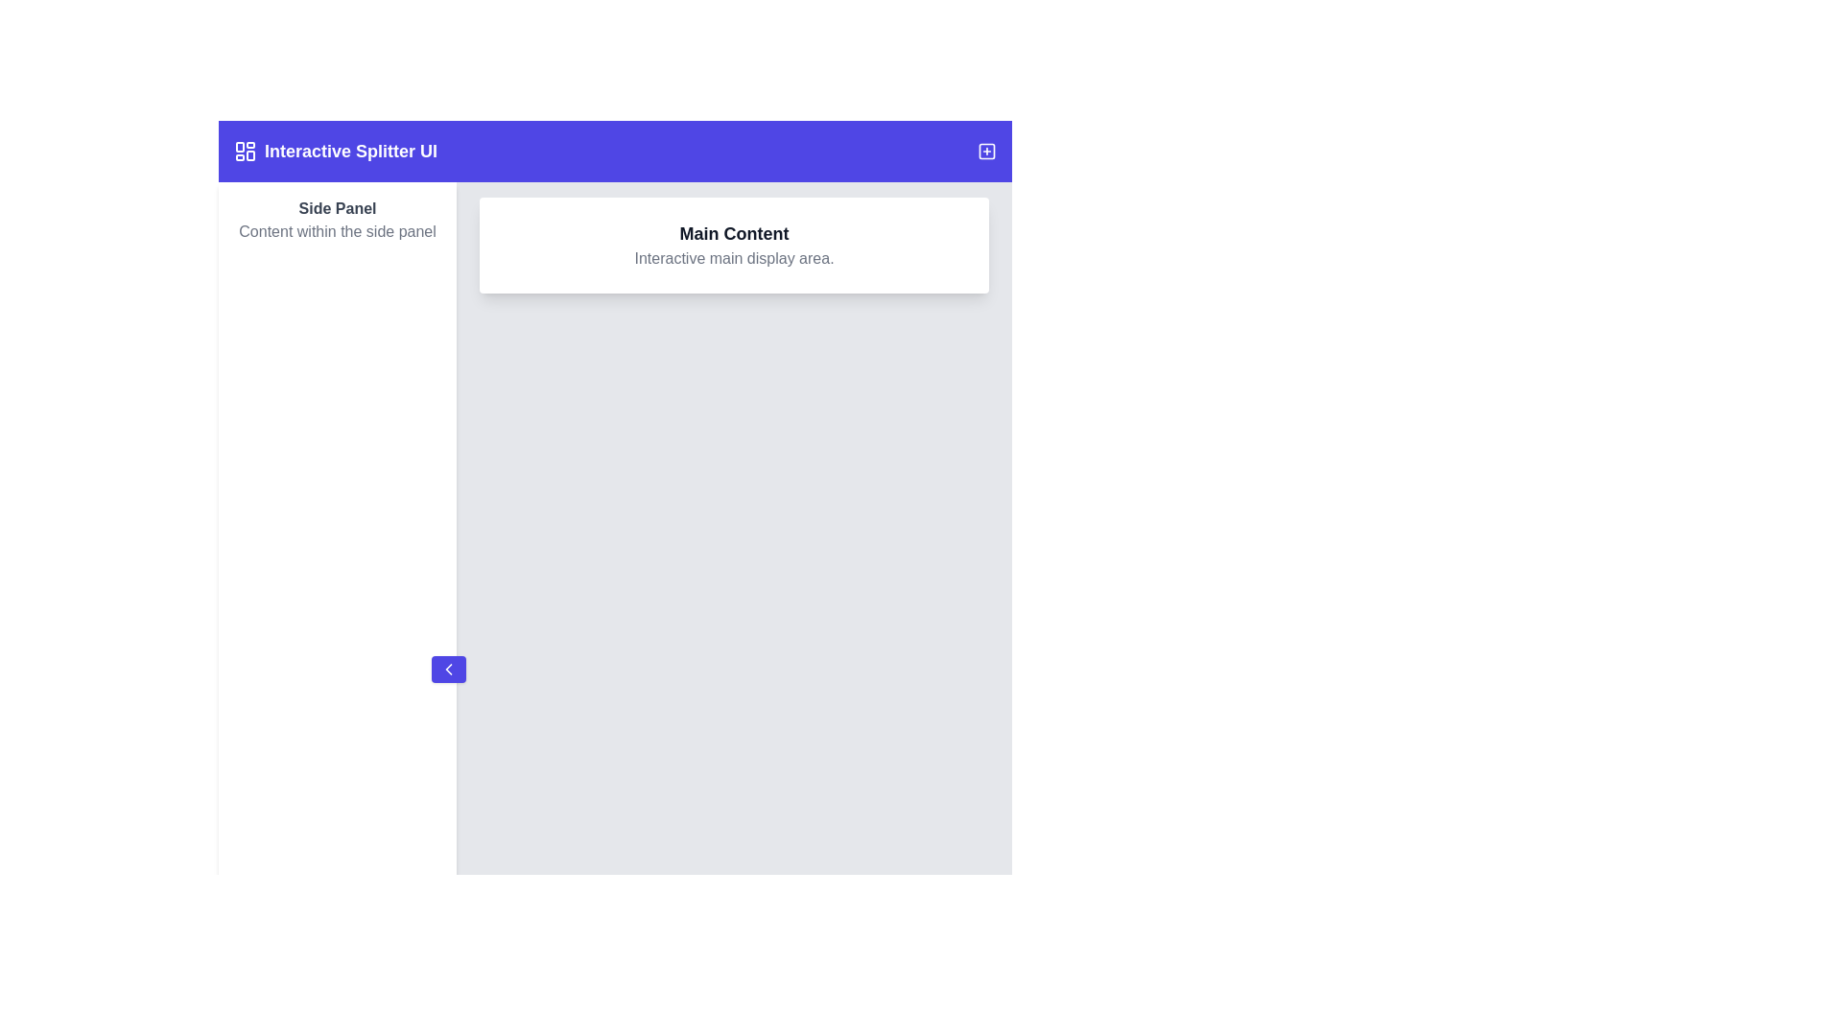 Image resolution: width=1842 pixels, height=1036 pixels. I want to click on the decorative visual element representing a layout or dashboard concept in the application's header, located at the top-left corner of a group of four rectangles, so click(239, 146).